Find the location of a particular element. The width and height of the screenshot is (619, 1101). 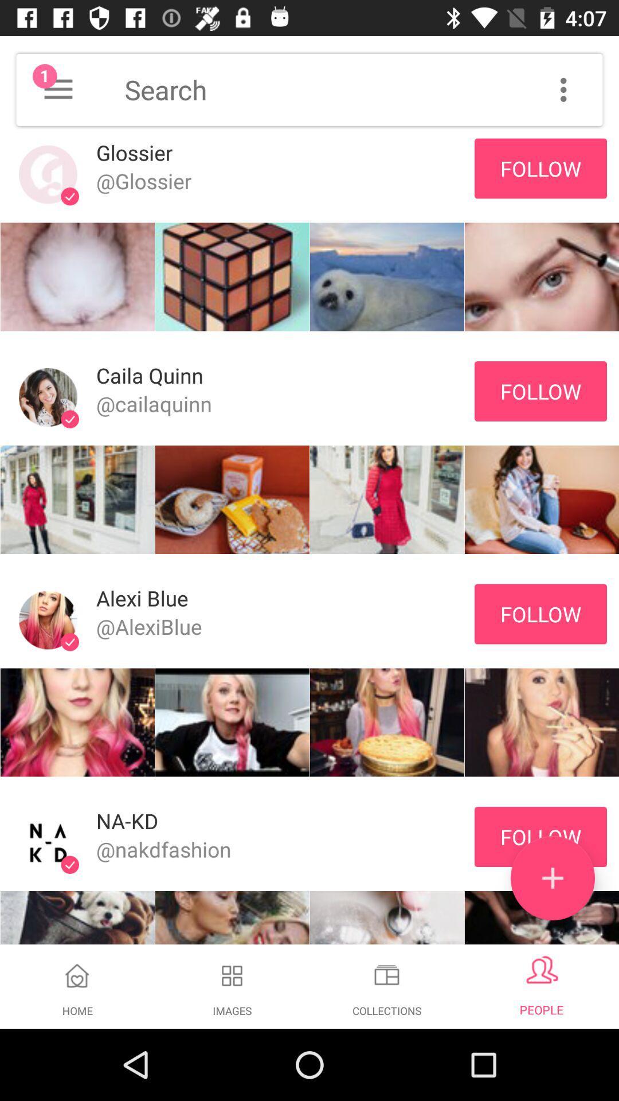

open menu is located at coordinates (58, 89).